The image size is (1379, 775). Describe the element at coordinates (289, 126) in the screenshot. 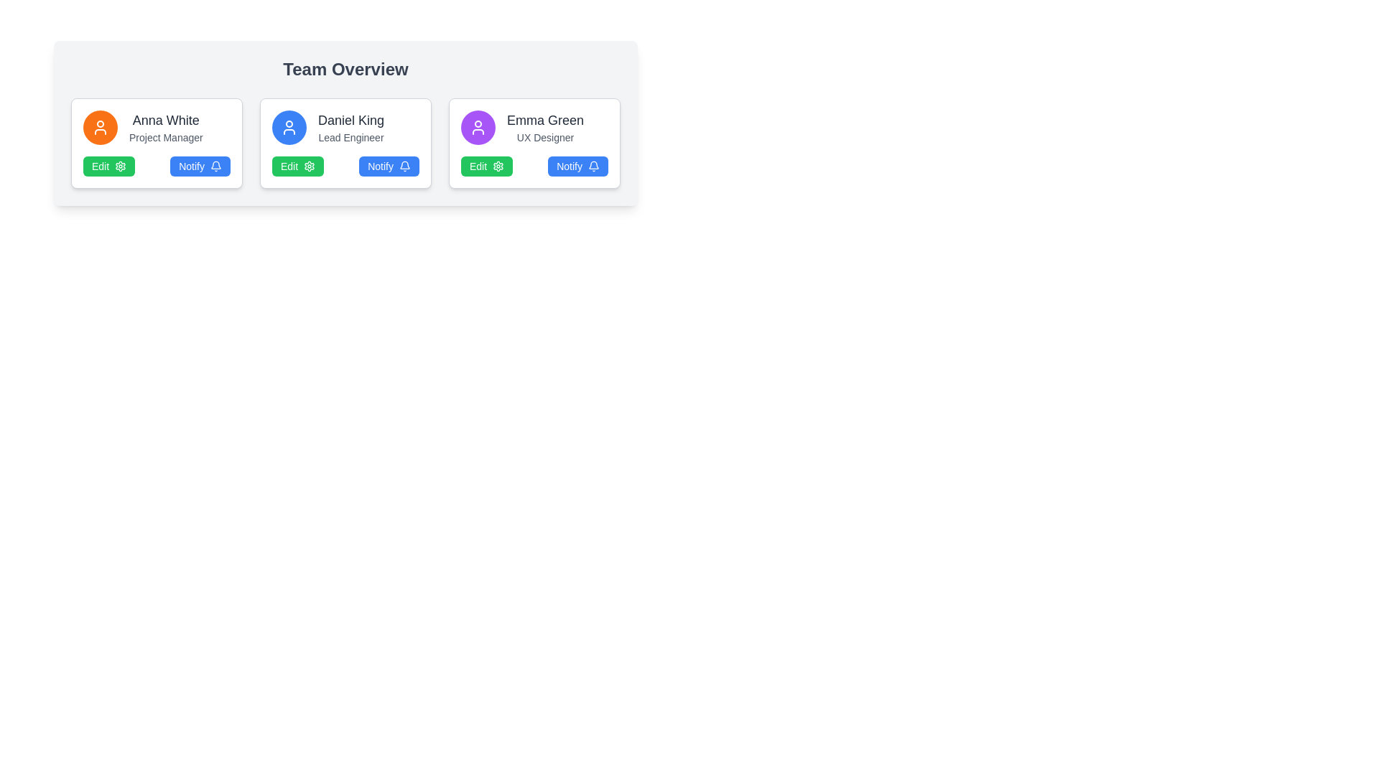

I see `the profile icon for Daniel King, Lead Engineer, located at the top center of the second user card in the Team Overview section` at that location.